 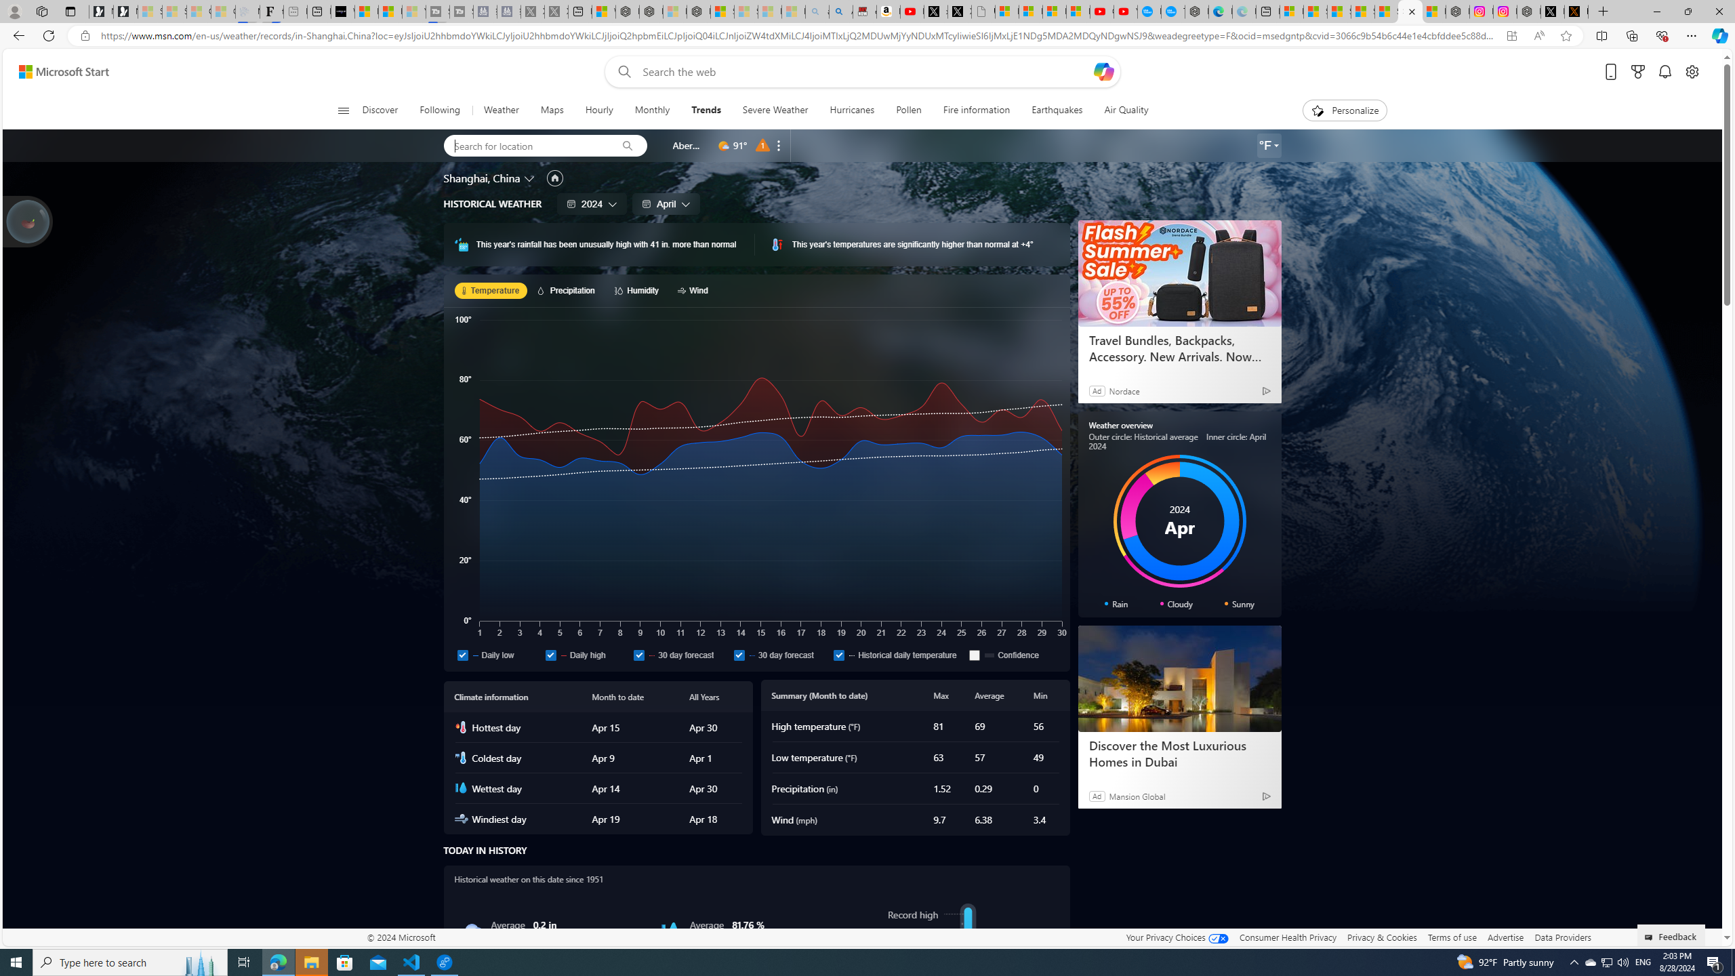 What do you see at coordinates (975, 654) in the screenshot?
I see `'Confidence'` at bounding box center [975, 654].